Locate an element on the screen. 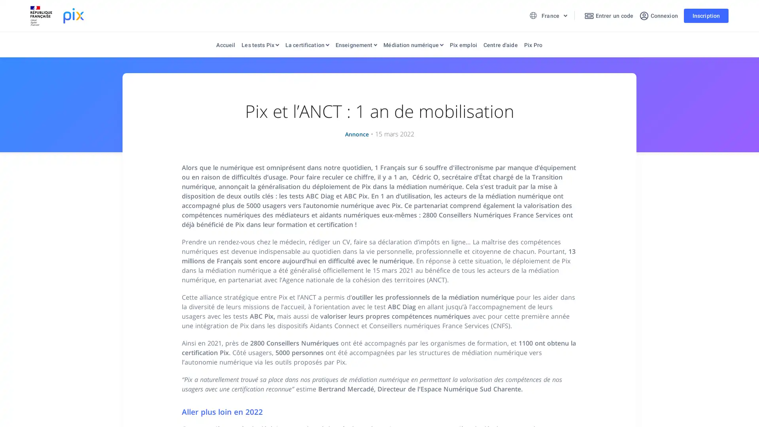 The image size is (759, 427). La certification is located at coordinates (306, 47).